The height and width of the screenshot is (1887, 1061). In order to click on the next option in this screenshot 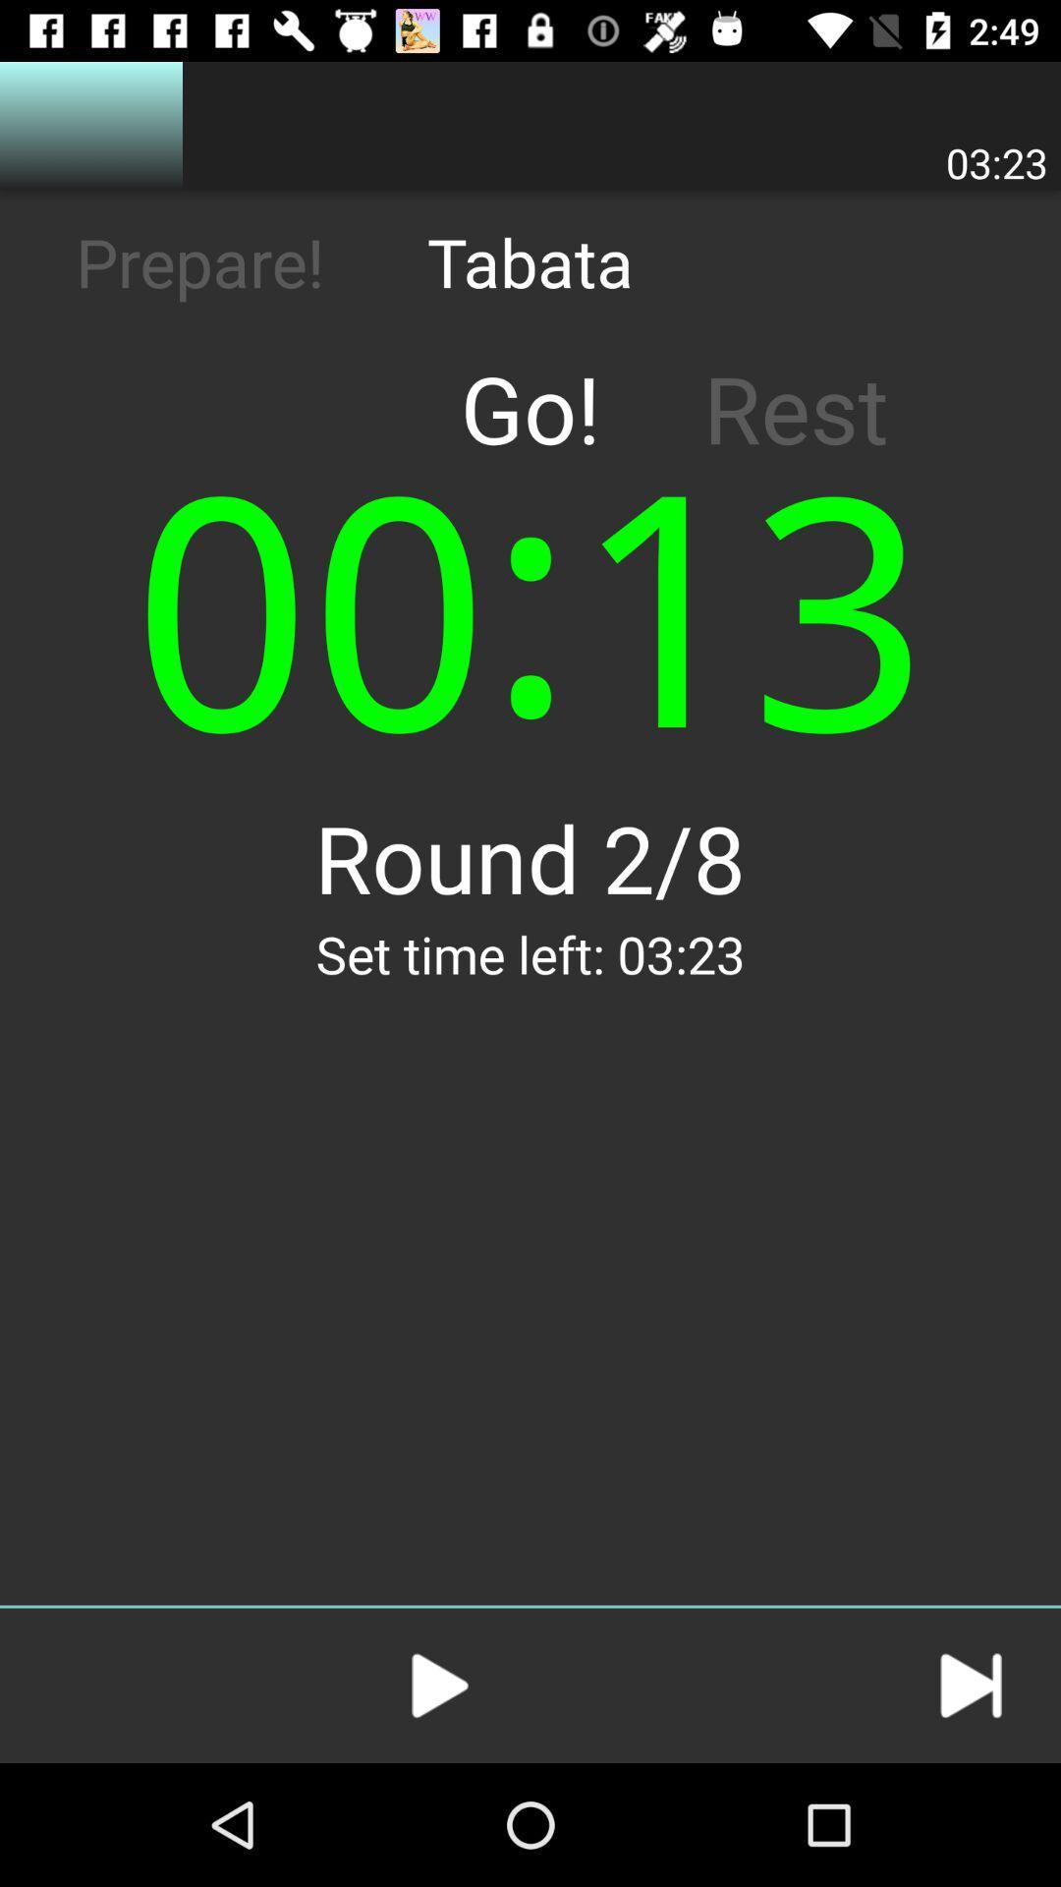, I will do `click(970, 1685)`.